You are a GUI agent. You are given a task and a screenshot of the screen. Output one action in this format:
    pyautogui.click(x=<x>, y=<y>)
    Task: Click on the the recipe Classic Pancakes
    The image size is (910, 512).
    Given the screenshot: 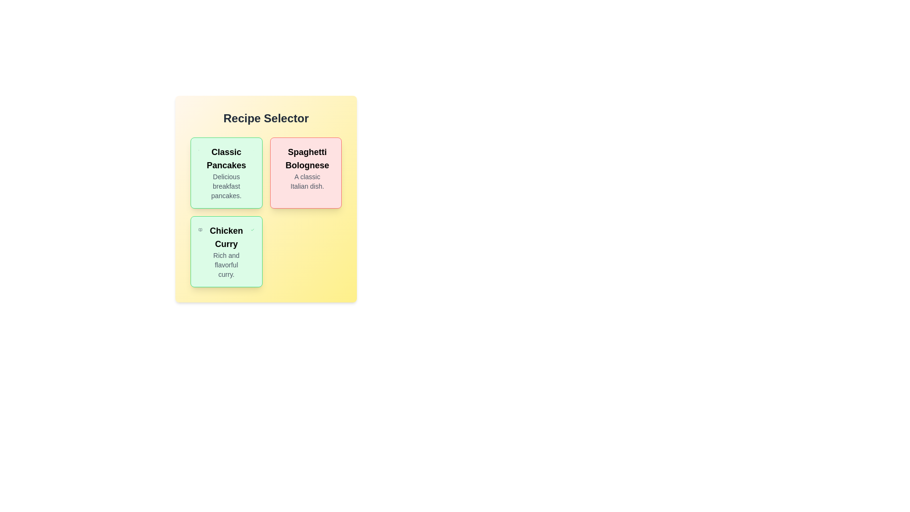 What is the action you would take?
    pyautogui.click(x=226, y=173)
    